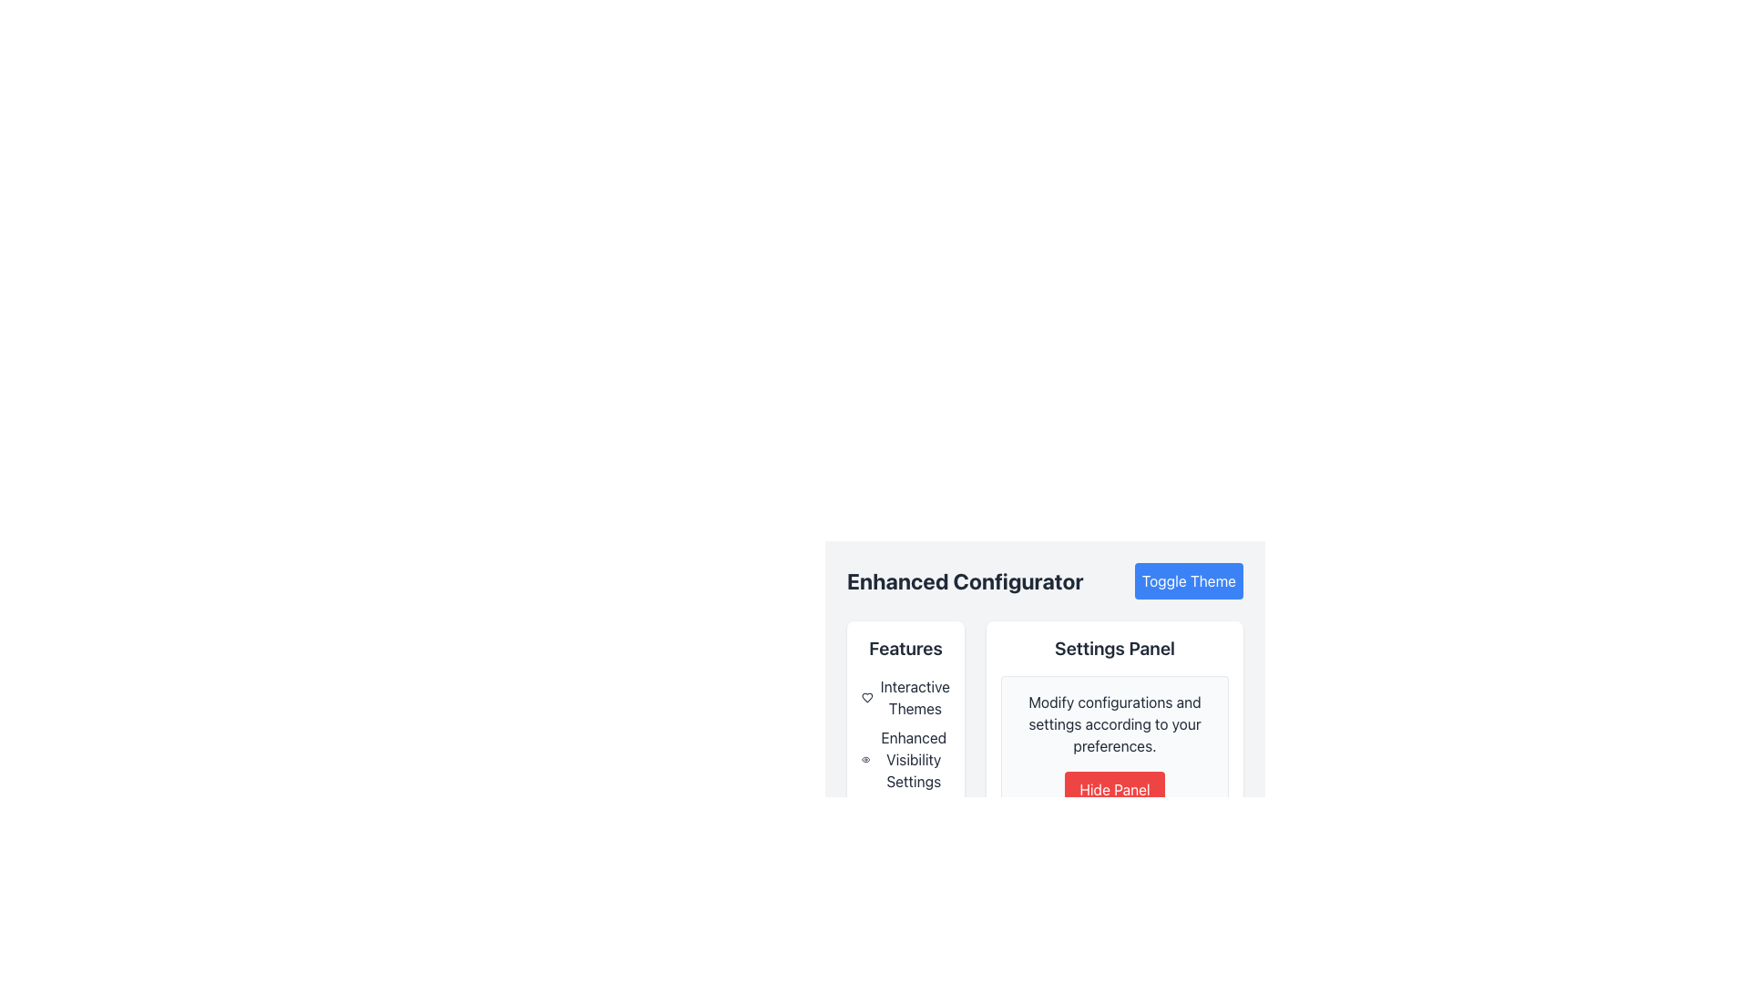 The image size is (1749, 984). What do you see at coordinates (1114, 723) in the screenshot?
I see `informational content provided by the Text Label located at the top of the settings panel, above the red button labeled 'Hide Panel'` at bounding box center [1114, 723].